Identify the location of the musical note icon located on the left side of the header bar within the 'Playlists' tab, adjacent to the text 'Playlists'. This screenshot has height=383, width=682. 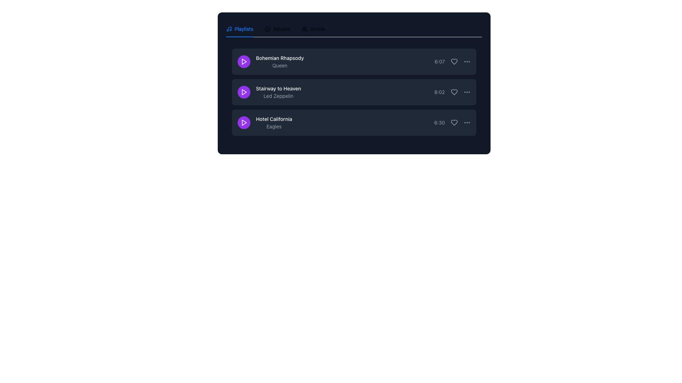
(229, 28).